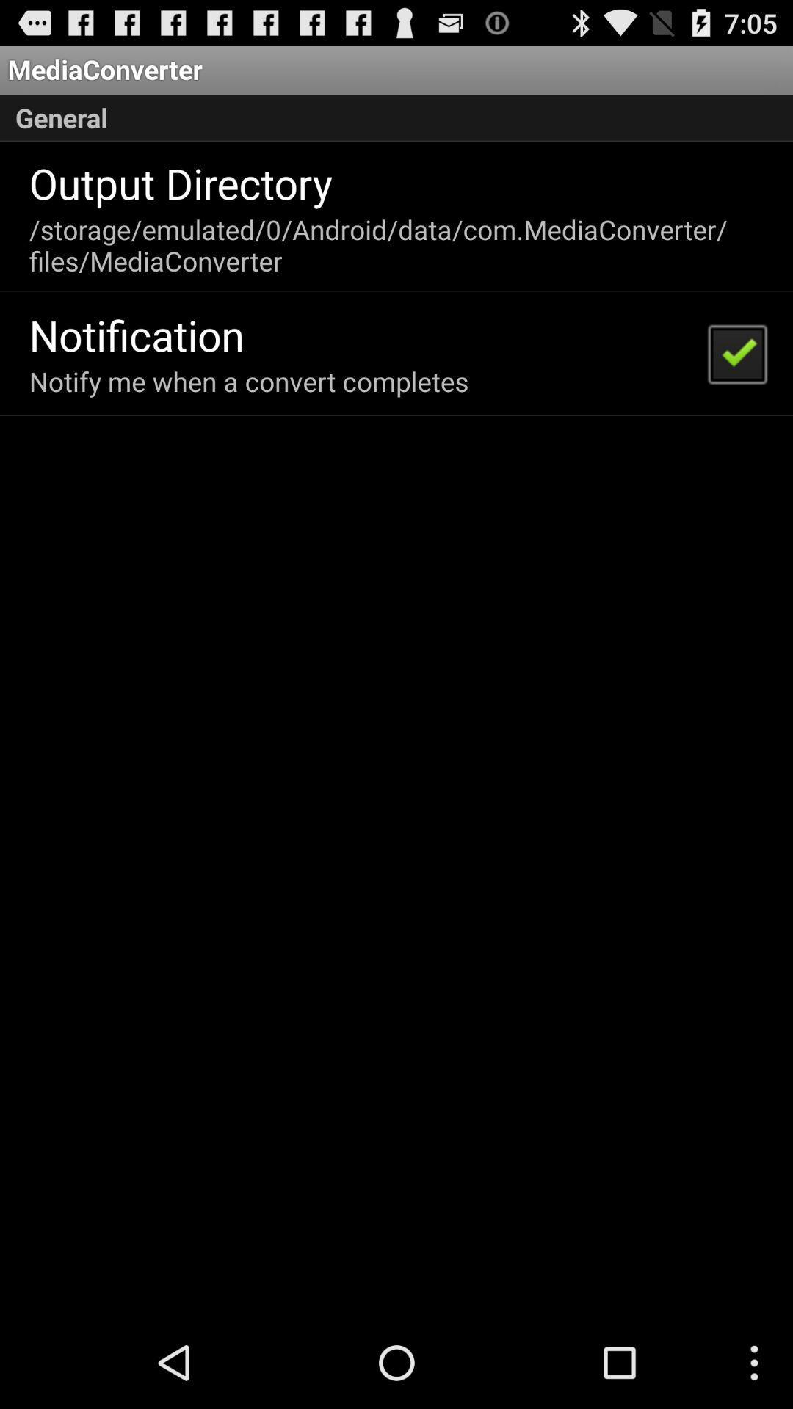  What do you see at coordinates (396, 118) in the screenshot?
I see `item below mediaconverter icon` at bounding box center [396, 118].